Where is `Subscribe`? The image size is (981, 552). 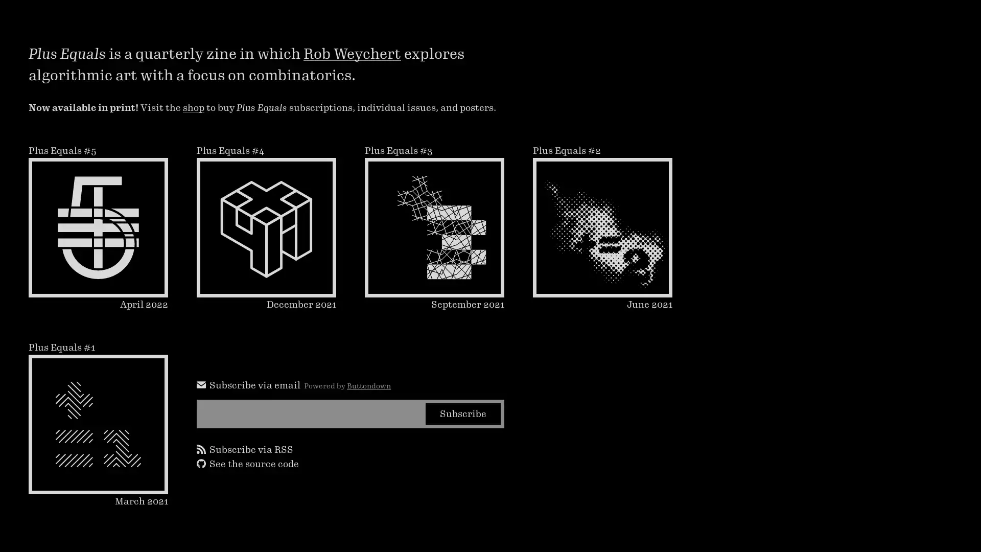 Subscribe is located at coordinates (462, 413).